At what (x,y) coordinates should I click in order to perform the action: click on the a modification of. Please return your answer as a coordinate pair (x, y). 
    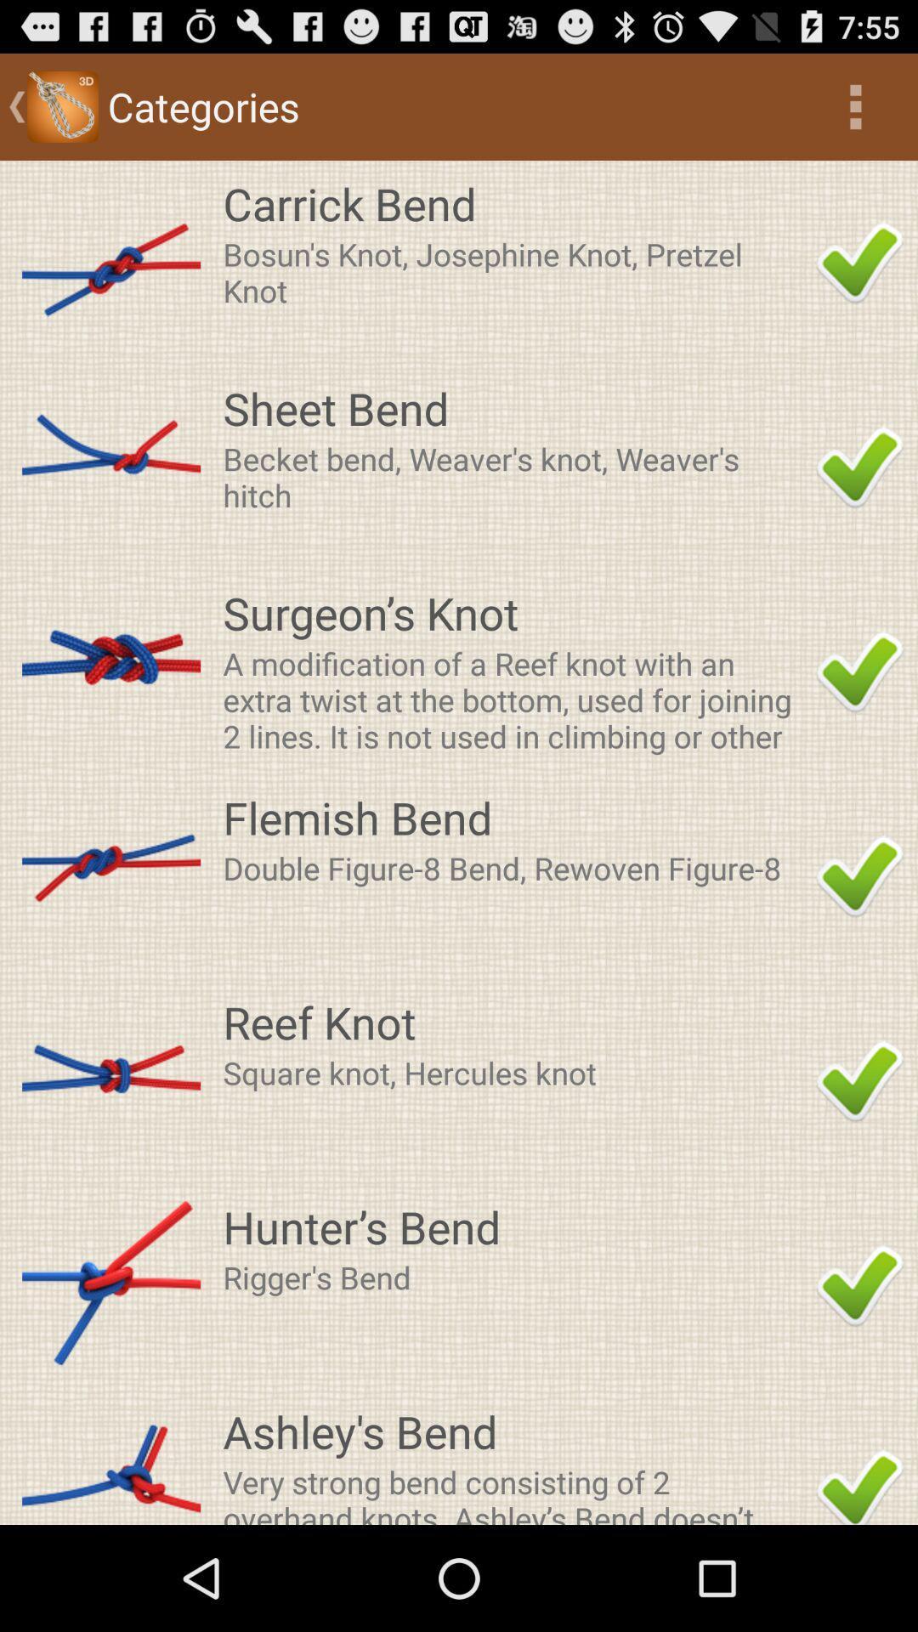
    Looking at the image, I should click on (513, 699).